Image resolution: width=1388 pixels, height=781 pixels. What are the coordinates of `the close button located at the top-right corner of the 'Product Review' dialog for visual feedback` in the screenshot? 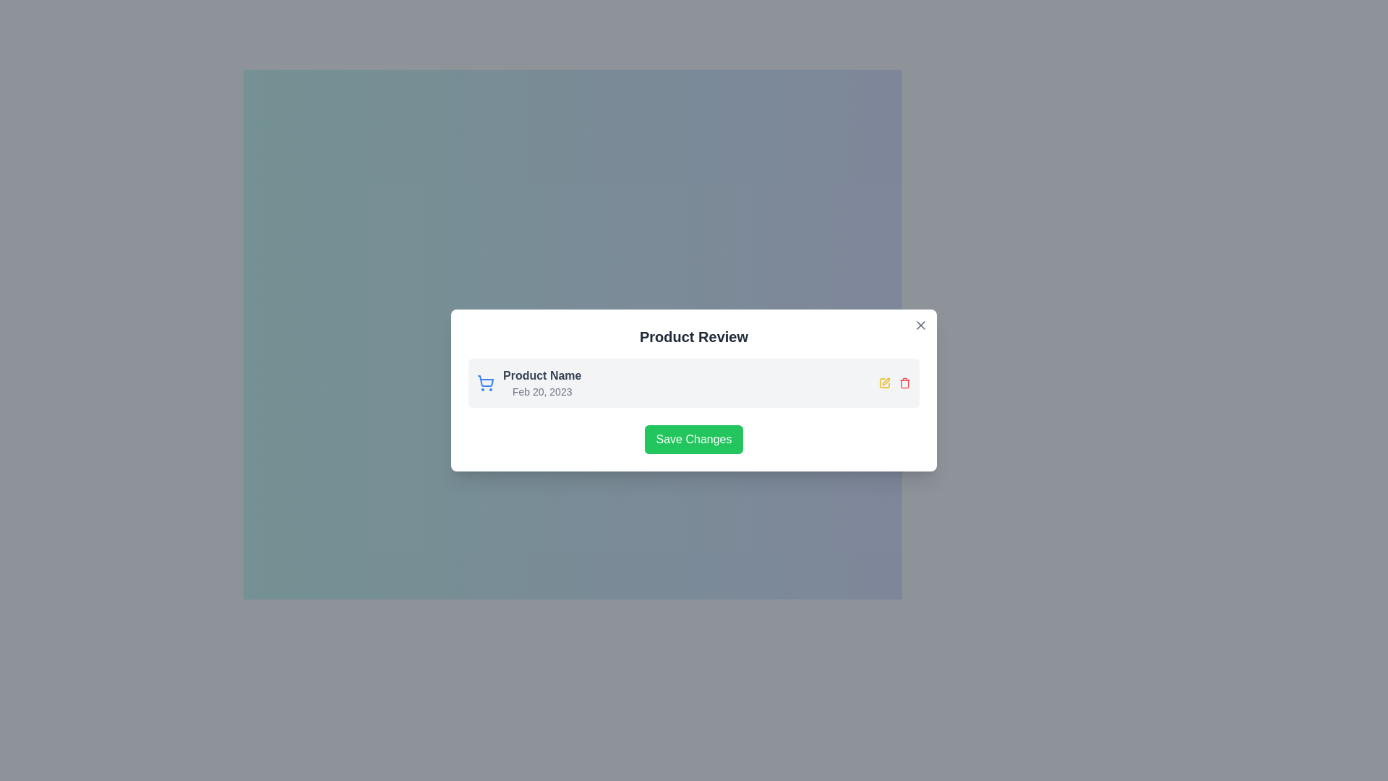 It's located at (920, 325).